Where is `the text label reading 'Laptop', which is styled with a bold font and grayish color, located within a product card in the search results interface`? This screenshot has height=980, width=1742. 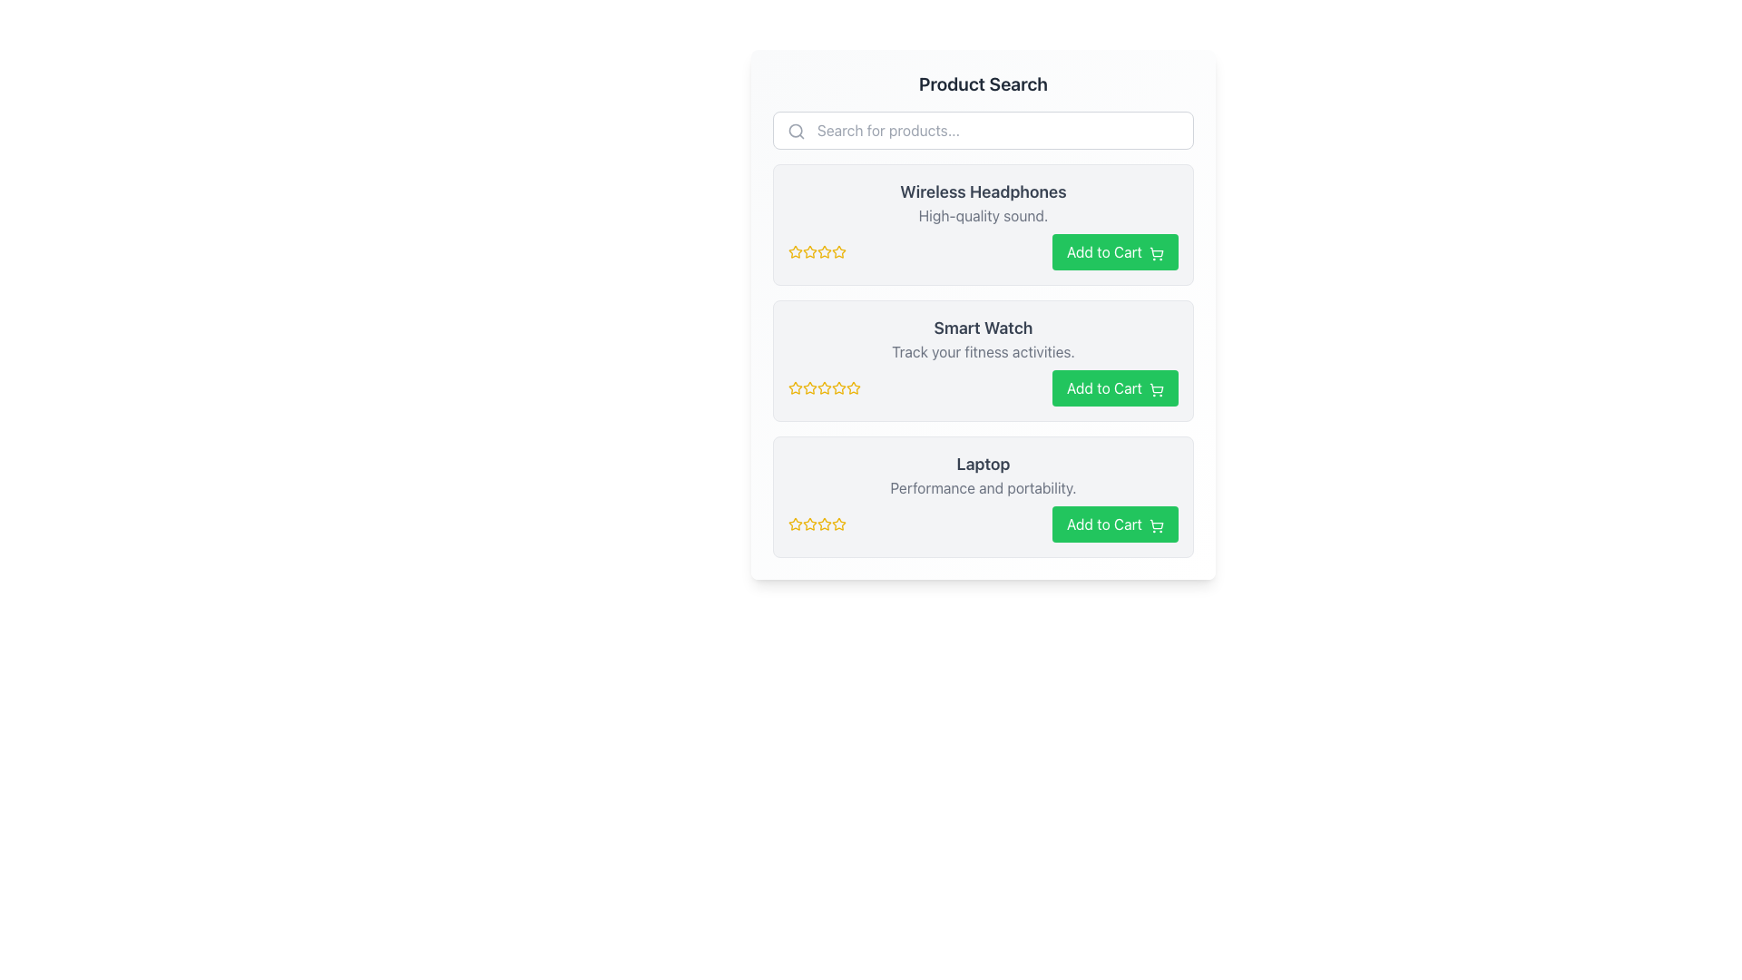
the text label reading 'Laptop', which is styled with a bold font and grayish color, located within a product card in the search results interface is located at coordinates (983, 464).